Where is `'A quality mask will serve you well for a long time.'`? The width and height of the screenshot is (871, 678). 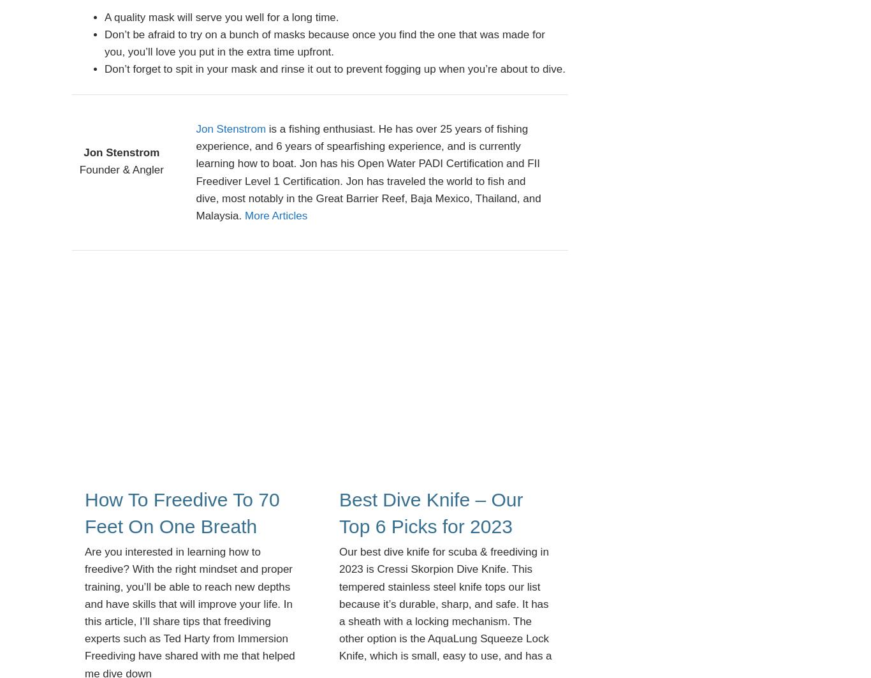 'A quality mask will serve you well for a long time.' is located at coordinates (221, 17).